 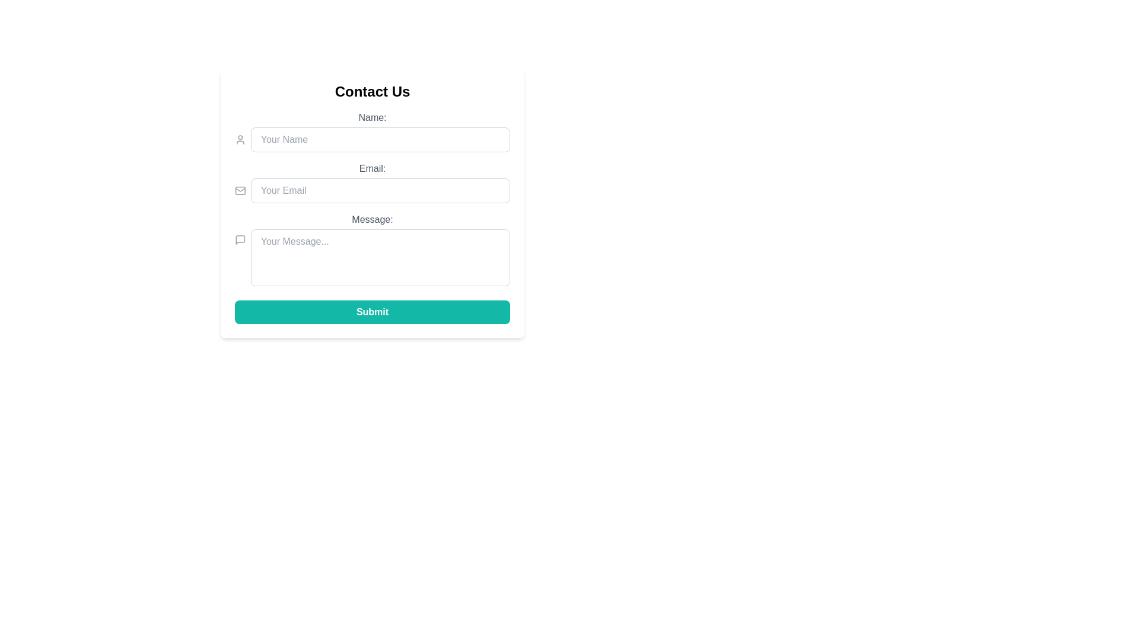 What do you see at coordinates (240, 190) in the screenshot?
I see `the email input field associated with the envelope icon` at bounding box center [240, 190].